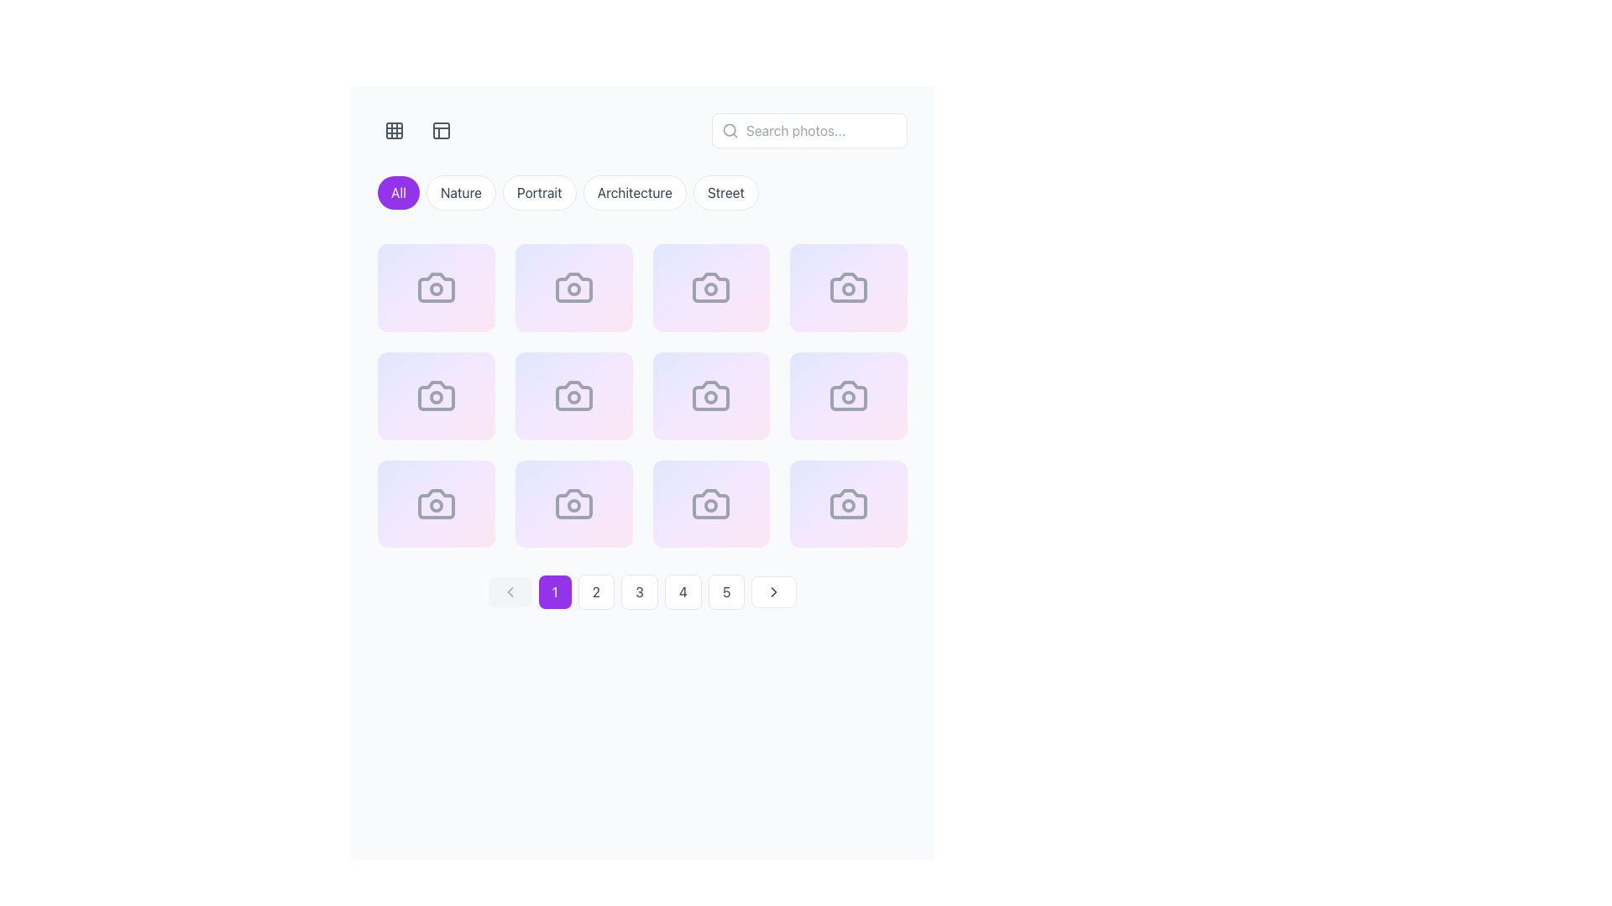 The image size is (1612, 906). What do you see at coordinates (394, 129) in the screenshot?
I see `the grid-like icon button, located in the upper-left region of the interface` at bounding box center [394, 129].